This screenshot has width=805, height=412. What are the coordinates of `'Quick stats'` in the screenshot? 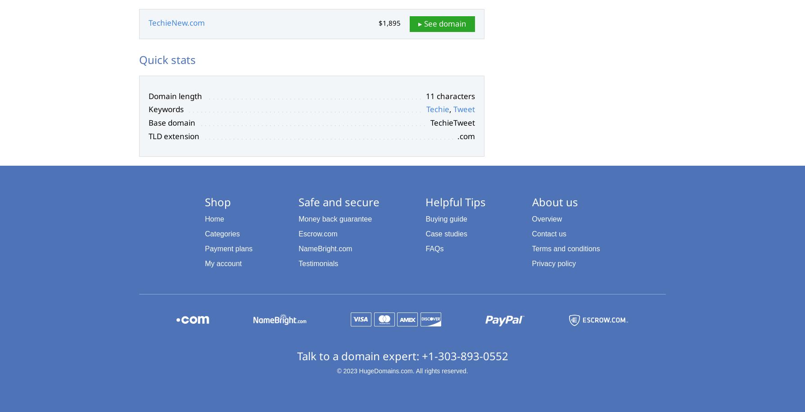 It's located at (167, 59).